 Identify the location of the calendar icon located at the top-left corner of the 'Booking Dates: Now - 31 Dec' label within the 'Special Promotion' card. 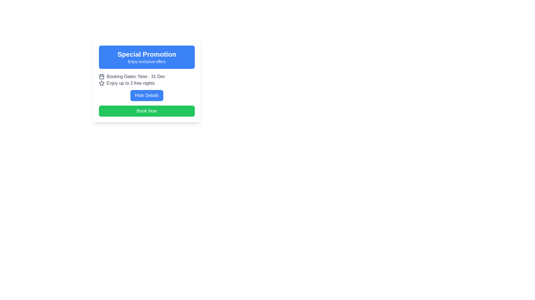
(101, 77).